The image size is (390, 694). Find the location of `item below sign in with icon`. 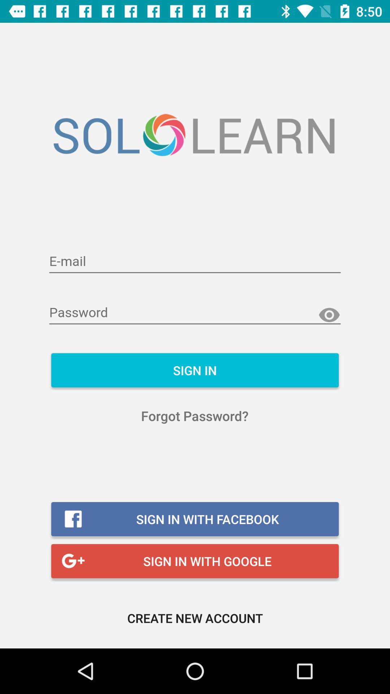

item below sign in with icon is located at coordinates (195, 617).